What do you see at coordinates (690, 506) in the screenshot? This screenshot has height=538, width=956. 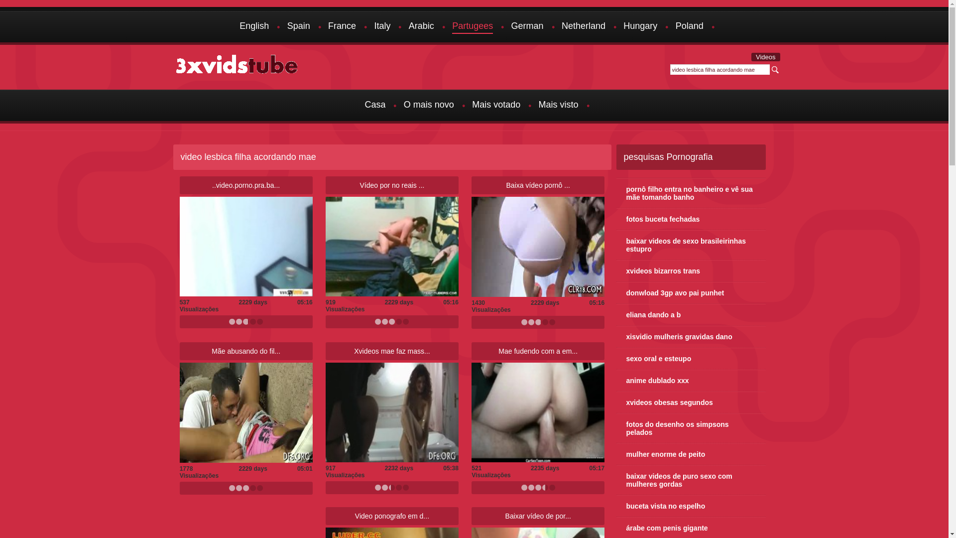 I see `'buceta vista no espelho'` at bounding box center [690, 506].